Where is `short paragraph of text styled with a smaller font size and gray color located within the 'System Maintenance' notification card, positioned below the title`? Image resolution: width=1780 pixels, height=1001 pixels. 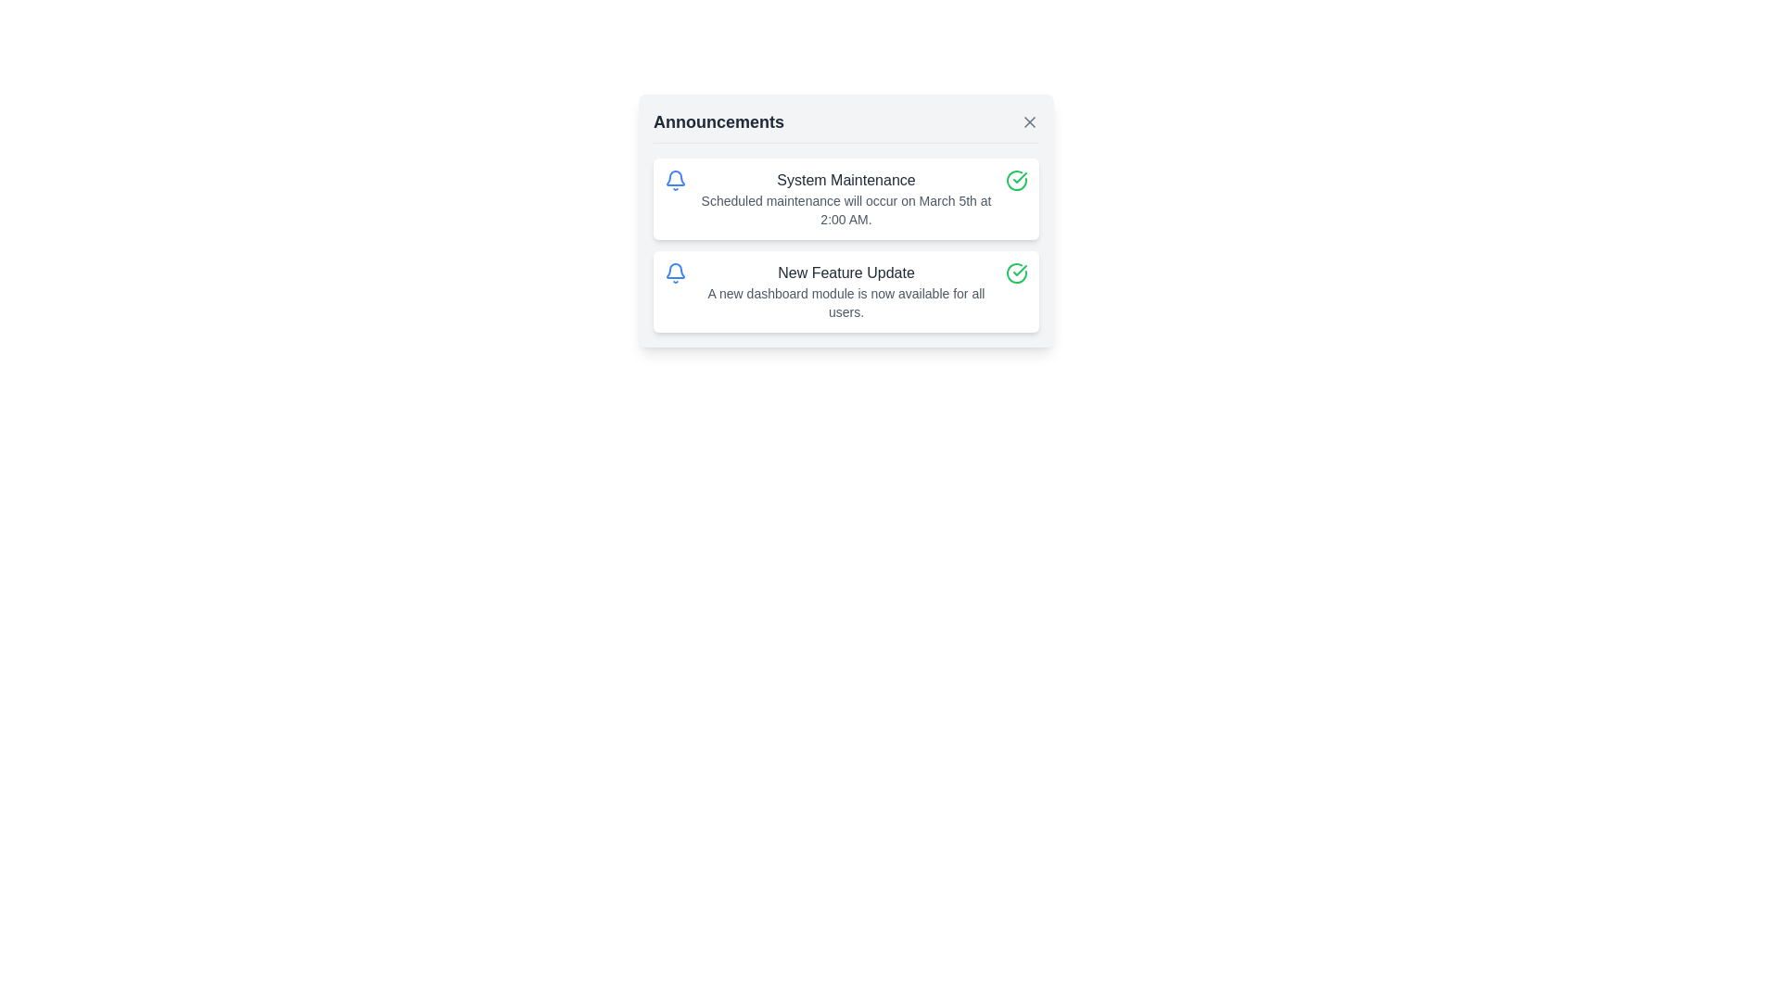
short paragraph of text styled with a smaller font size and gray color located within the 'System Maintenance' notification card, positioned below the title is located at coordinates (845, 209).